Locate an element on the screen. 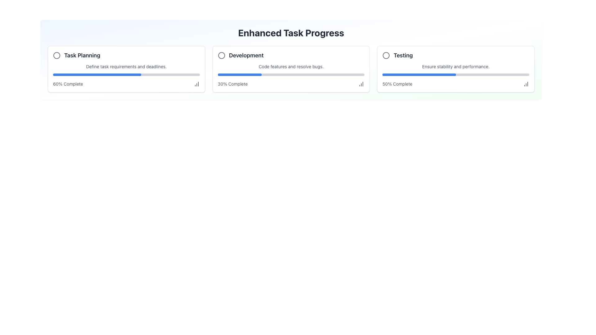 Image resolution: width=596 pixels, height=335 pixels. text of the Text Label element that displays 'Task Planning', which is styled in bold and dark gray, located within the first card of horizontally aligned cards is located at coordinates (82, 55).